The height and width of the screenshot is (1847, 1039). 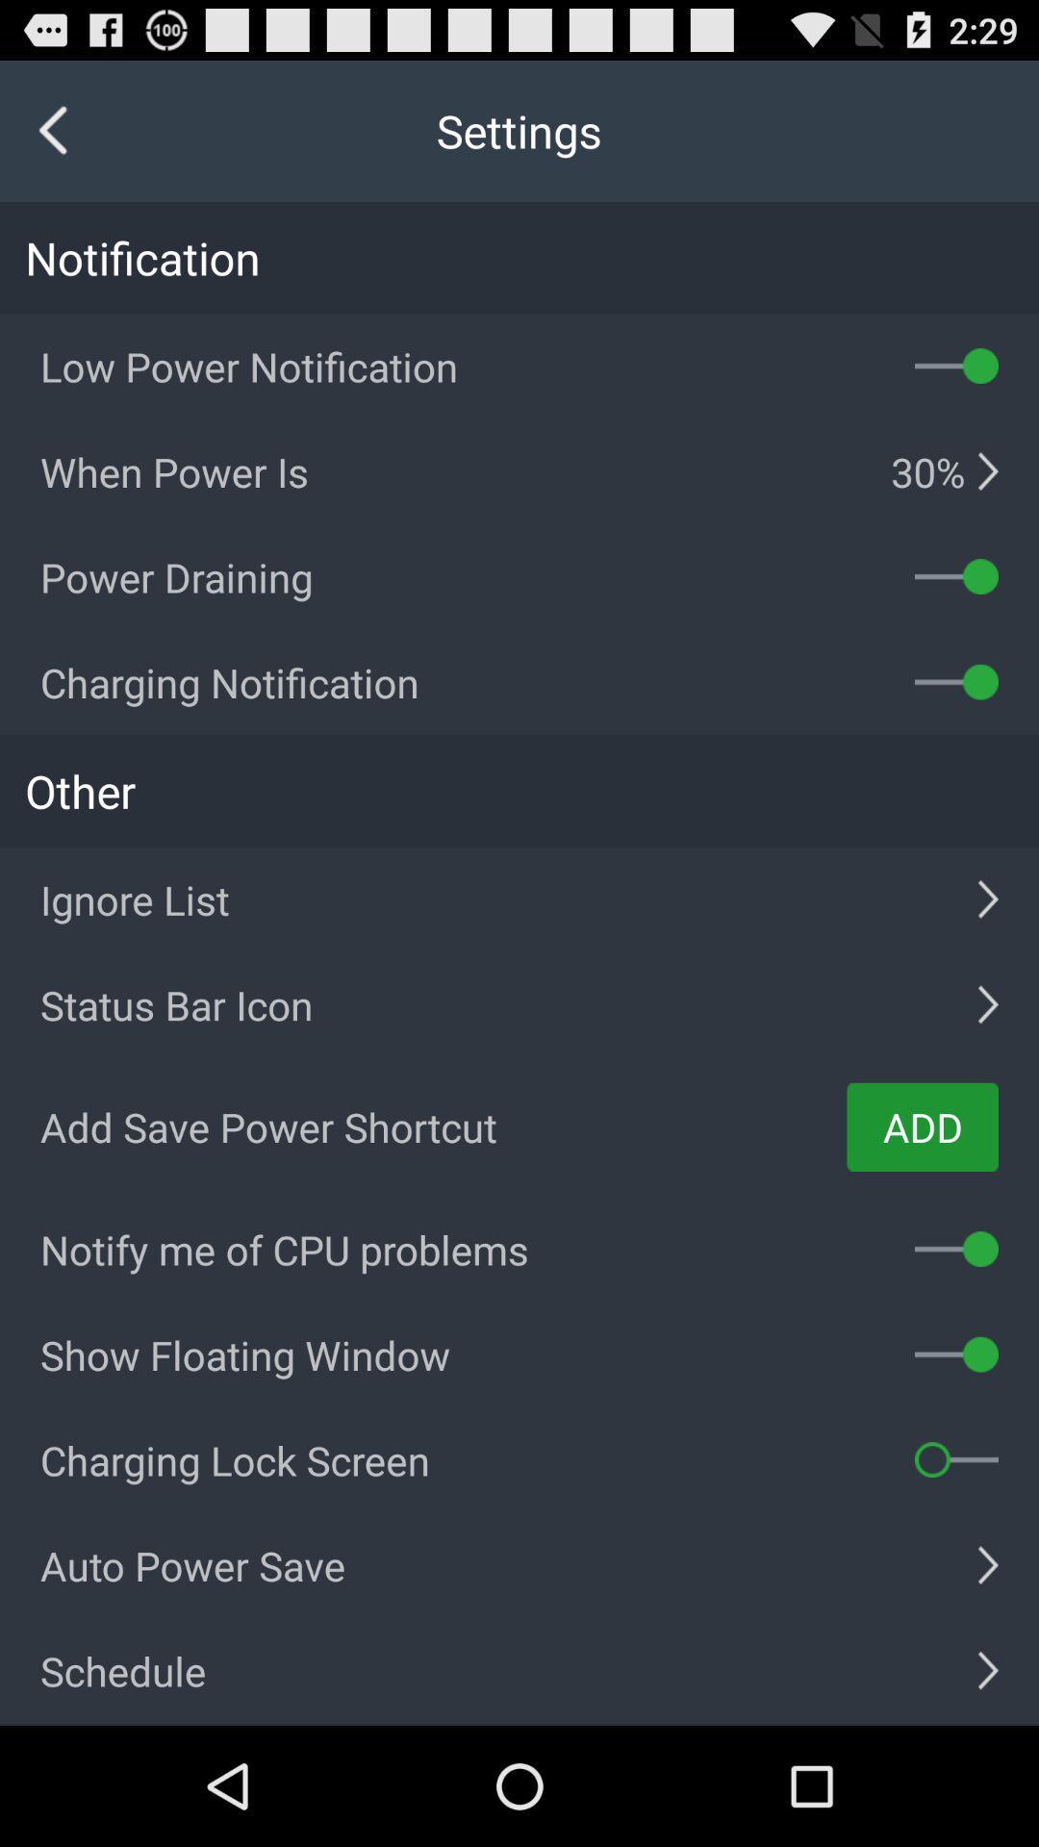 What do you see at coordinates (53, 130) in the screenshot?
I see `app to the left of settings` at bounding box center [53, 130].